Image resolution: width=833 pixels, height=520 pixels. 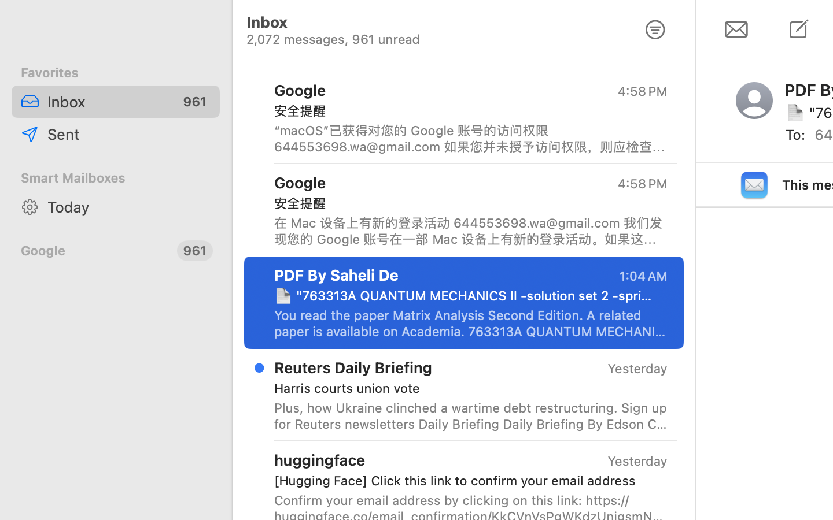 I want to click on '在 Mac 设备上有新的登录活动 644553698.wa@gmail.com 我们发现您的 Google 账号在一部 Mac 设备上有新的登录活动。如果这是您本人的操作，那么您无需采取任何行动。如果这不是您本人的操作，我们会帮助您保护您的账号。 查看活动 您也可以访问以下网址查看安全性活动： https://myaccount.google.com/notifications 我们向您发送这封电子邮件，目的是让您了解关于您的 Google 账号和服务的重大变化。 © 2024 Google LLC, 1600 Amphitheatre Parkway, Mountain View, CA 94043, USA', so click(x=471, y=231).